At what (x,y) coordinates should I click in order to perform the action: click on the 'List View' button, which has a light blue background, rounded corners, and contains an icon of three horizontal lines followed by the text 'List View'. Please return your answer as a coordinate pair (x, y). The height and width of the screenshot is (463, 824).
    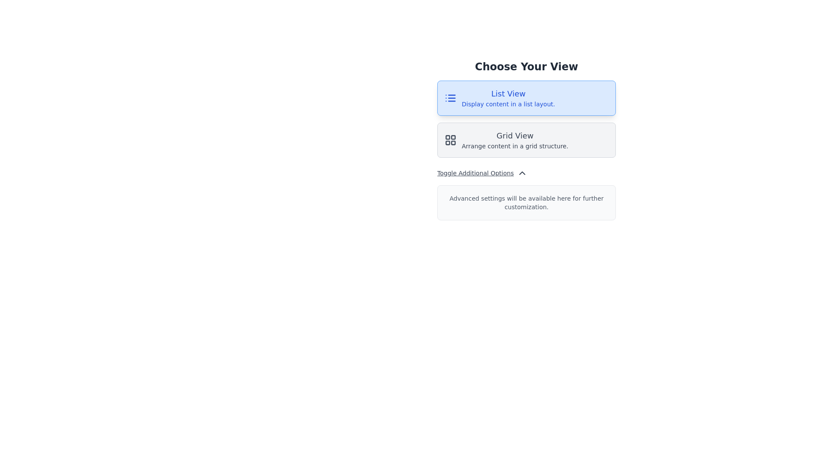
    Looking at the image, I should click on (526, 97).